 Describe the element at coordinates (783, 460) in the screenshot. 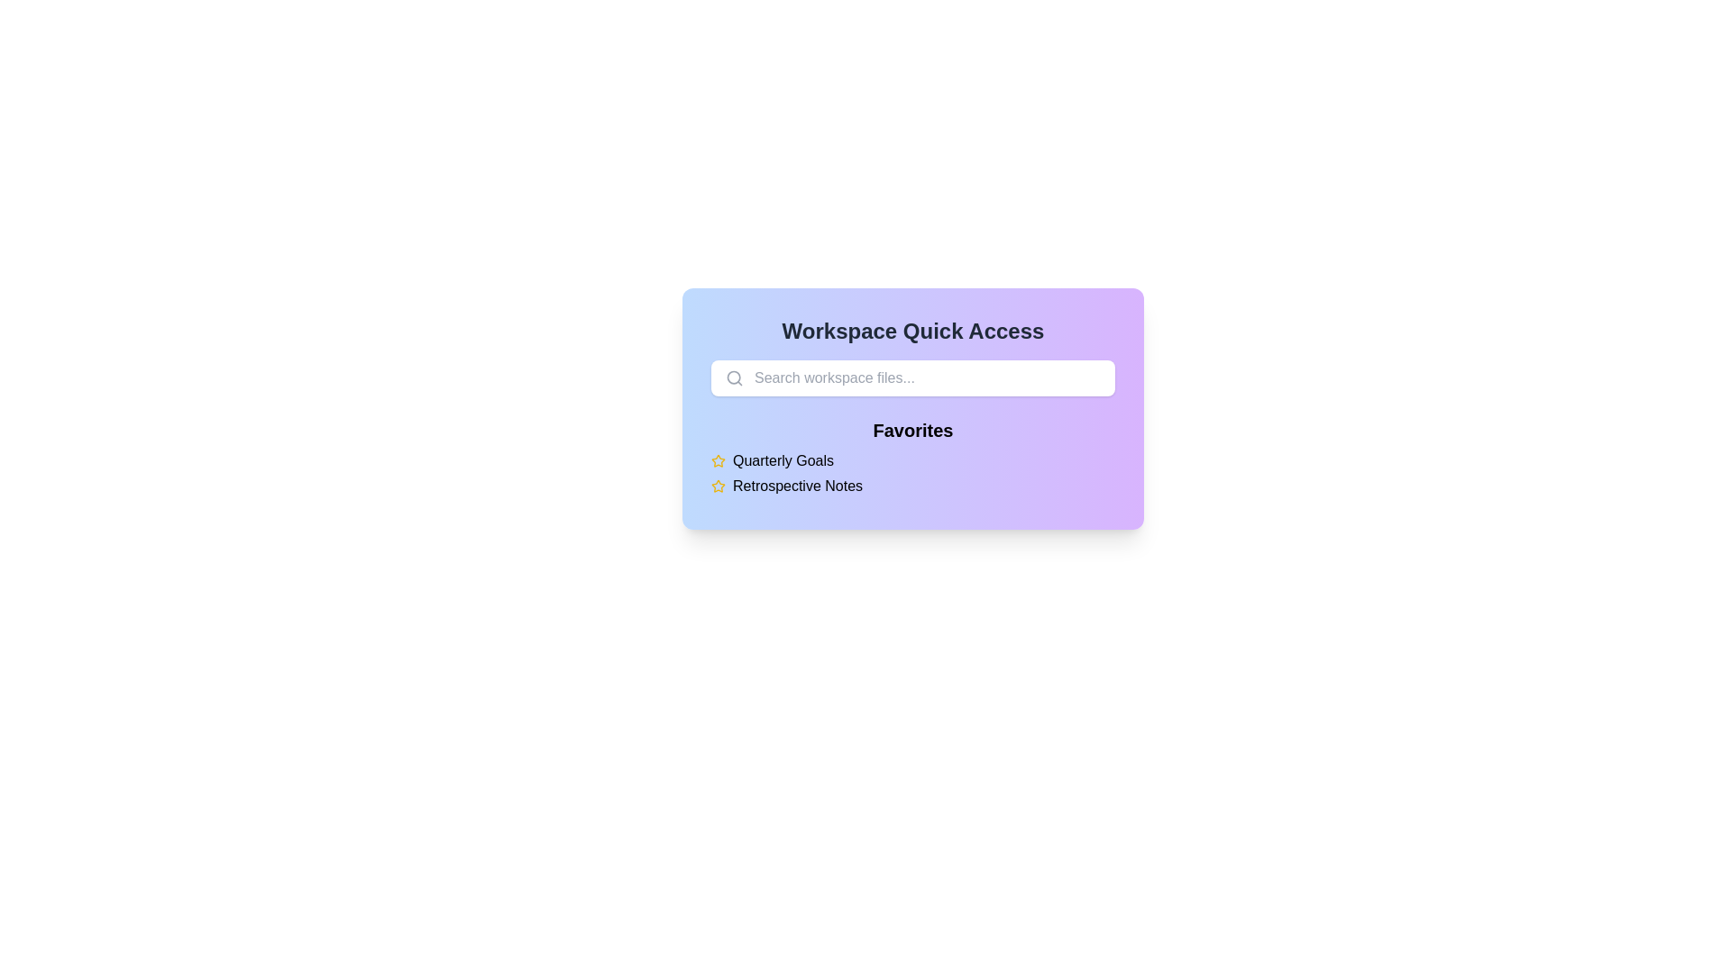

I see `the first Text label in the 'Favorites' list to focus or select the corresponding item` at that location.